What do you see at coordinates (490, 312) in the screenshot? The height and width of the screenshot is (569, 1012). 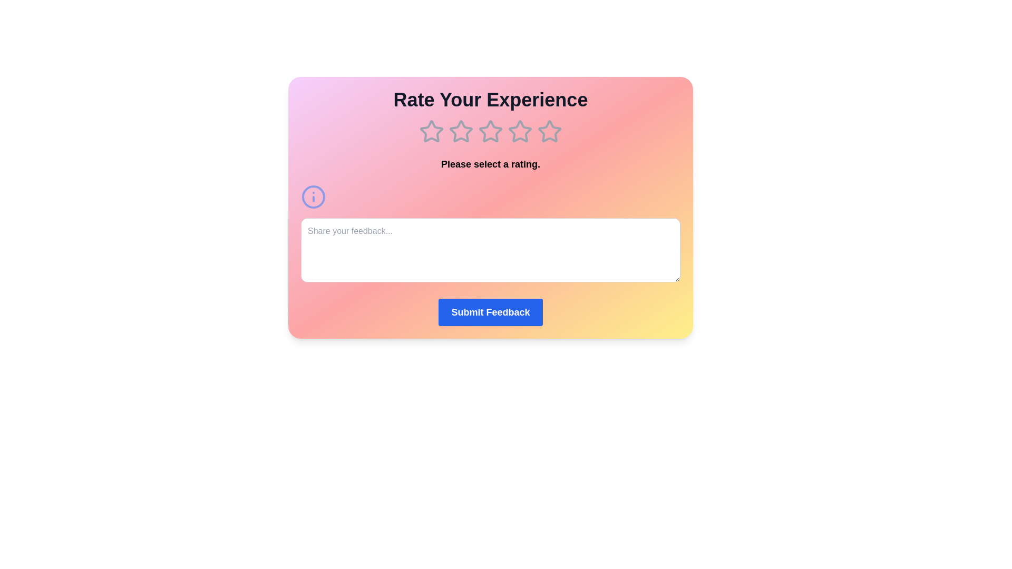 I see `the Submit Feedback button` at bounding box center [490, 312].